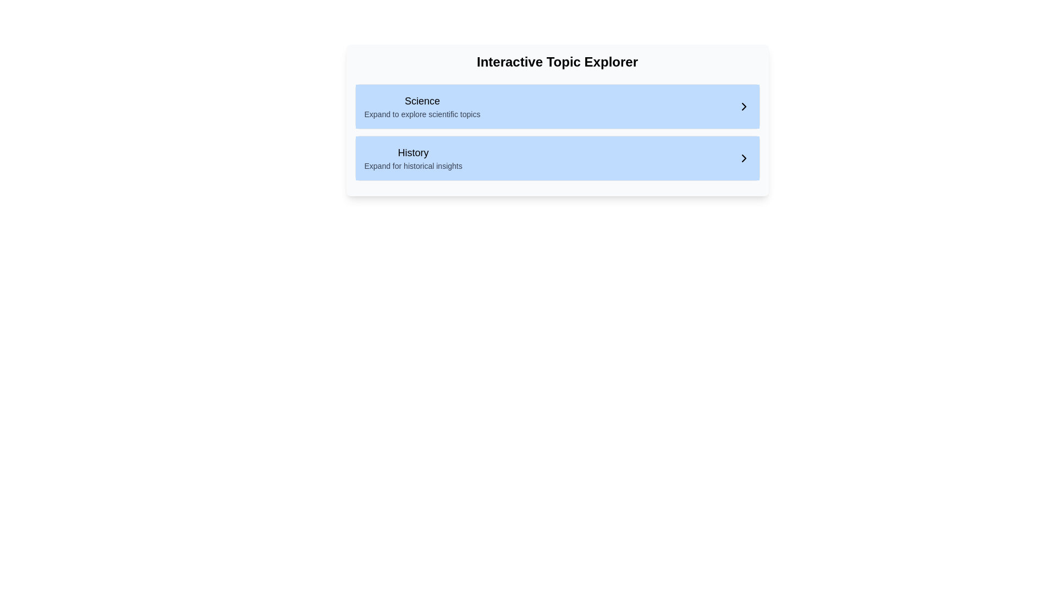  Describe the element at coordinates (422, 101) in the screenshot. I see `the text label displaying 'Science' in medium font size, styled in black on a blue background, located at the top of the first blue section under 'Interactive Topic Explorer'` at that location.